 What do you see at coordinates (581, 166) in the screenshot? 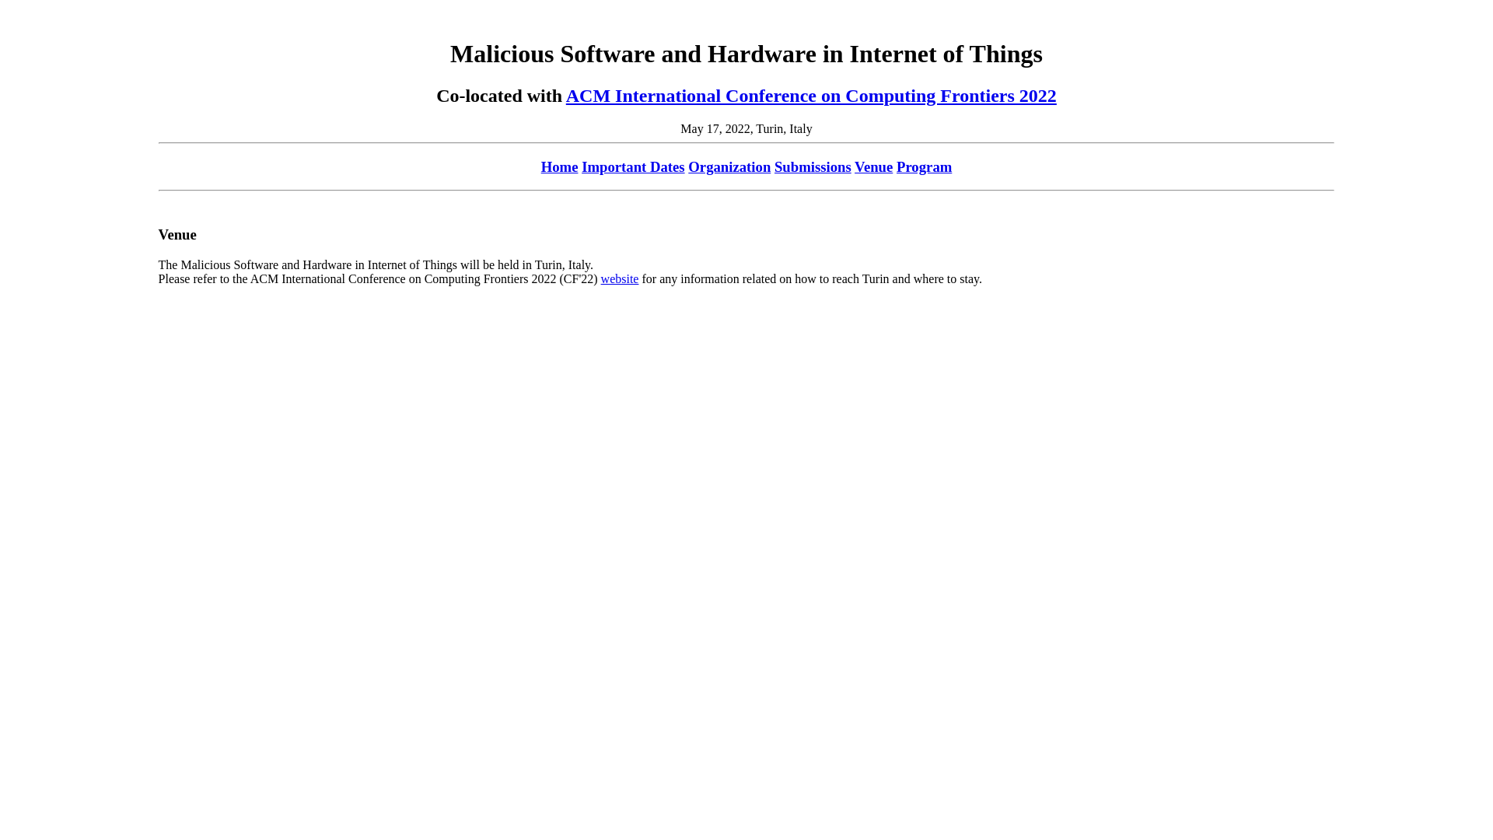
I see `'Important Dates'` at bounding box center [581, 166].